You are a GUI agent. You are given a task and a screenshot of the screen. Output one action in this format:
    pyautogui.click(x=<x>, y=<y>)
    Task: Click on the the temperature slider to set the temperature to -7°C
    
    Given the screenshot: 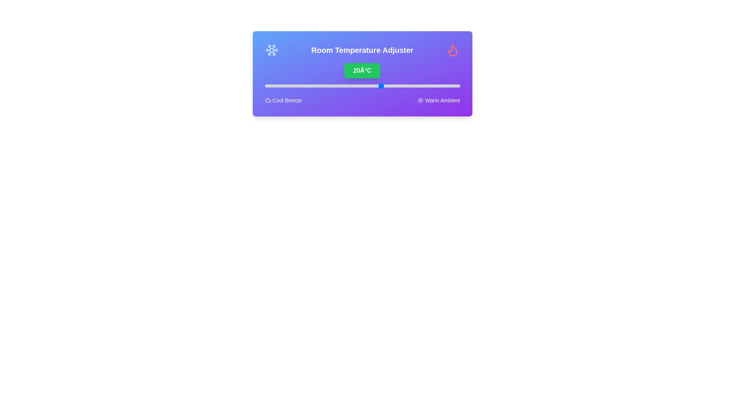 What is the action you would take?
    pyautogui.click(x=276, y=86)
    